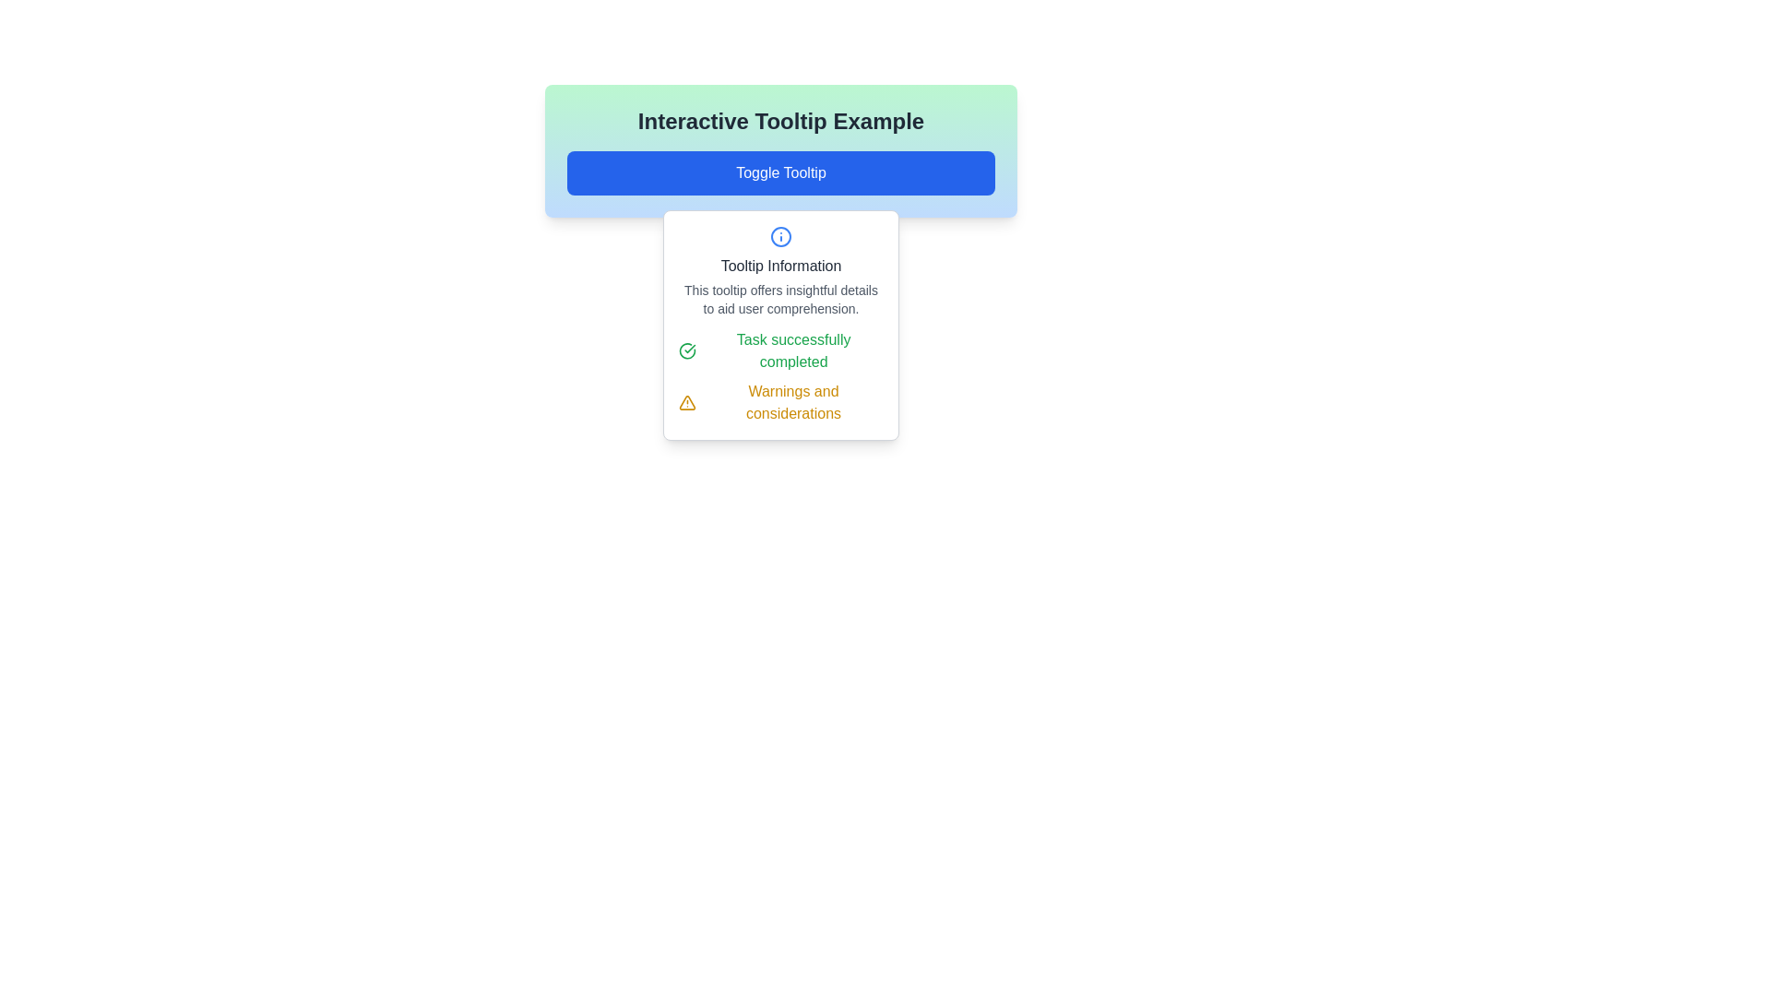  What do you see at coordinates (780, 267) in the screenshot?
I see `text label that displays 'Tooltip Information', which is styled with a medium font weight and gray color, located above a text block` at bounding box center [780, 267].